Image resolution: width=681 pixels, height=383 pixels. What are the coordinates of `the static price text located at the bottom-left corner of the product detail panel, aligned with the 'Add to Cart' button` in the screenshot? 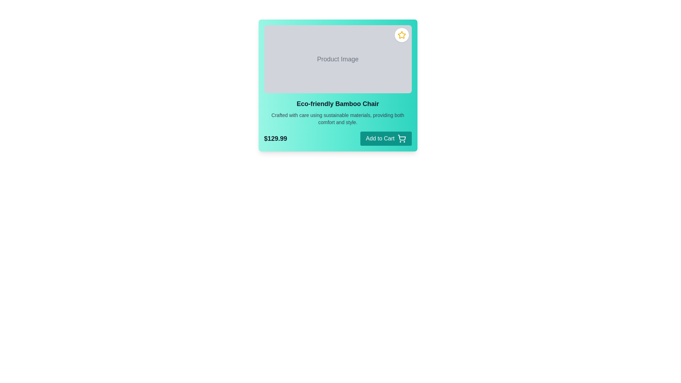 It's located at (275, 138).